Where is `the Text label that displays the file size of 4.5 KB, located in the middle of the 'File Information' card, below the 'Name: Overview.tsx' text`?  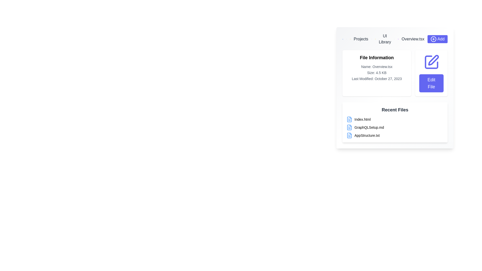
the Text label that displays the file size of 4.5 KB, located in the middle of the 'File Information' card, below the 'Name: Overview.tsx' text is located at coordinates (377, 73).